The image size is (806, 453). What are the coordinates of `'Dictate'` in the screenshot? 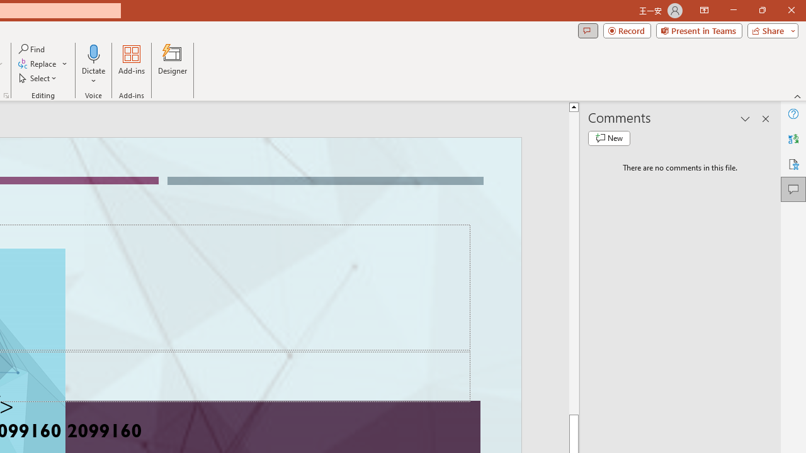 It's located at (93, 53).